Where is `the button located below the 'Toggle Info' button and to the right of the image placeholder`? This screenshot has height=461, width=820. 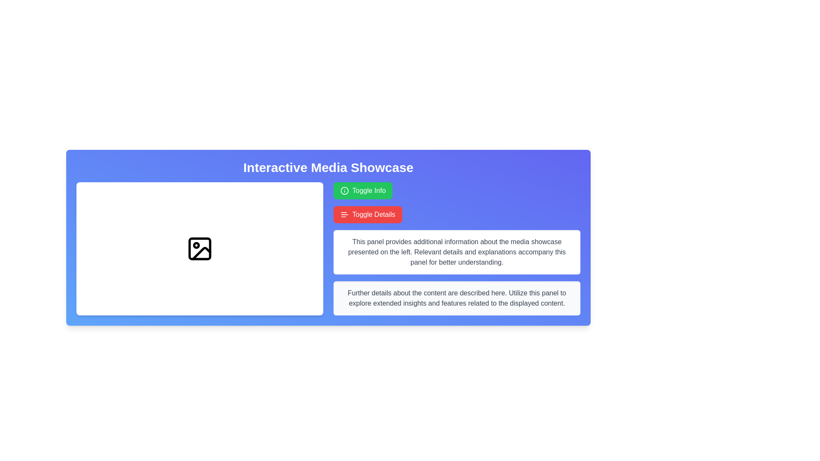 the button located below the 'Toggle Info' button and to the right of the image placeholder is located at coordinates (368, 214).